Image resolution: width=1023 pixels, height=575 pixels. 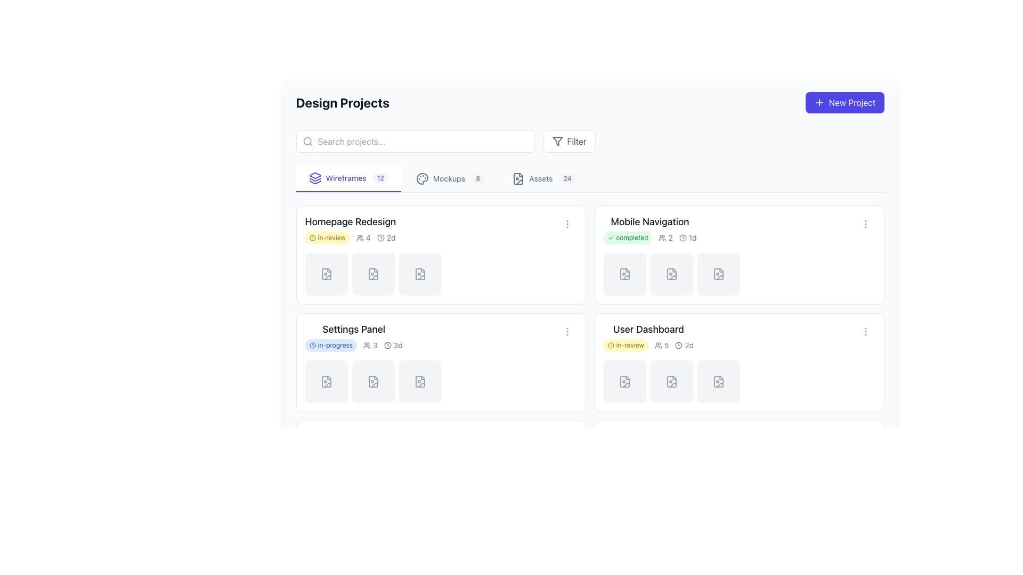 I want to click on the Project summary card titled 'Settings Panel', so click(x=441, y=336).